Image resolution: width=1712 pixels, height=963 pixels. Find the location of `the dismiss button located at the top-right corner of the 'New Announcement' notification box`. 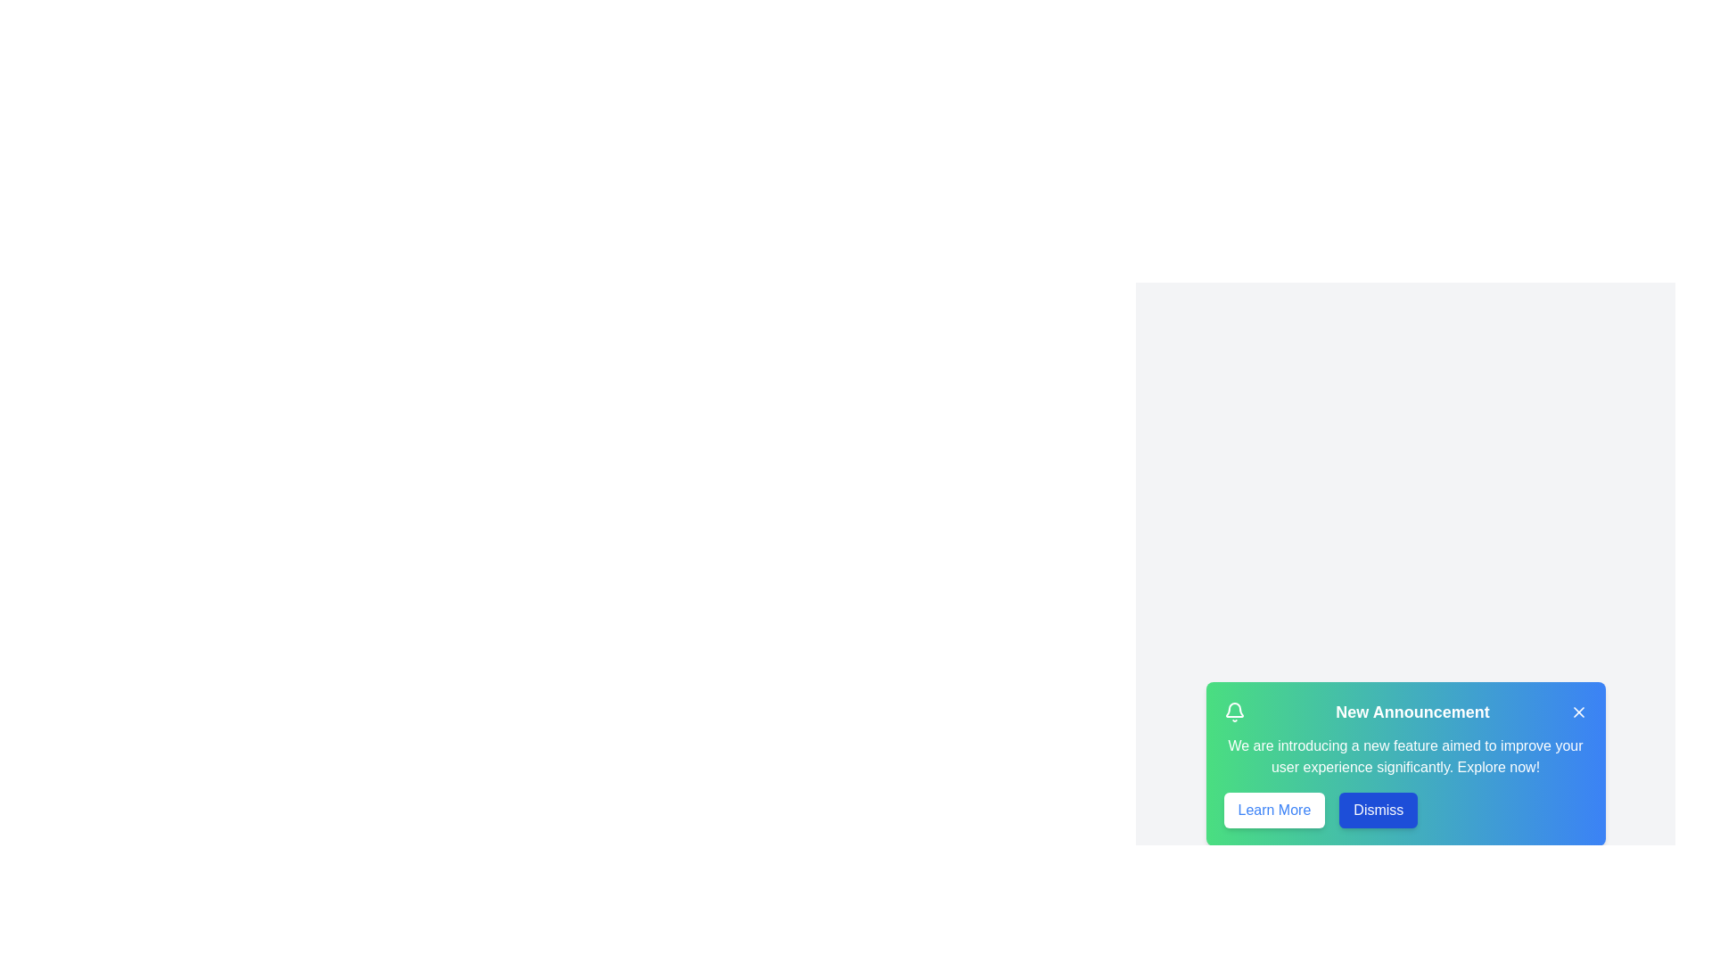

the dismiss button located at the top-right corner of the 'New Announcement' notification box is located at coordinates (1578, 711).